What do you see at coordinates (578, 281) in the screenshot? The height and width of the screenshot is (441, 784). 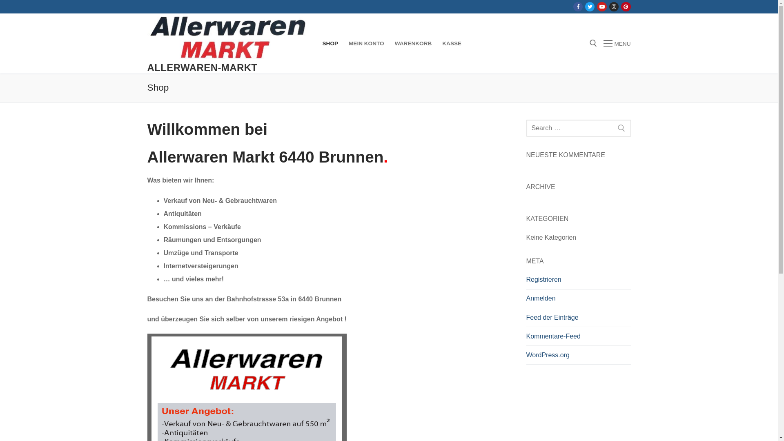 I see `'Registrieren'` at bounding box center [578, 281].